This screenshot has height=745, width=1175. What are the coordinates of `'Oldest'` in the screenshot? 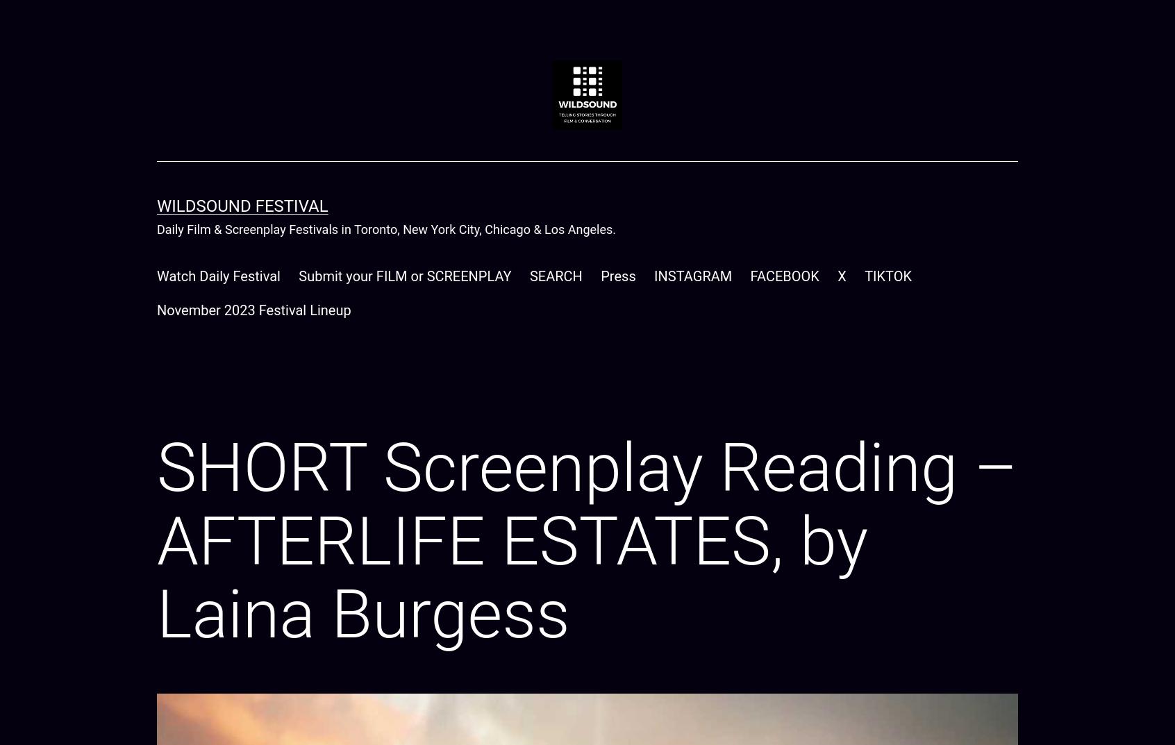 It's located at (838, 92).